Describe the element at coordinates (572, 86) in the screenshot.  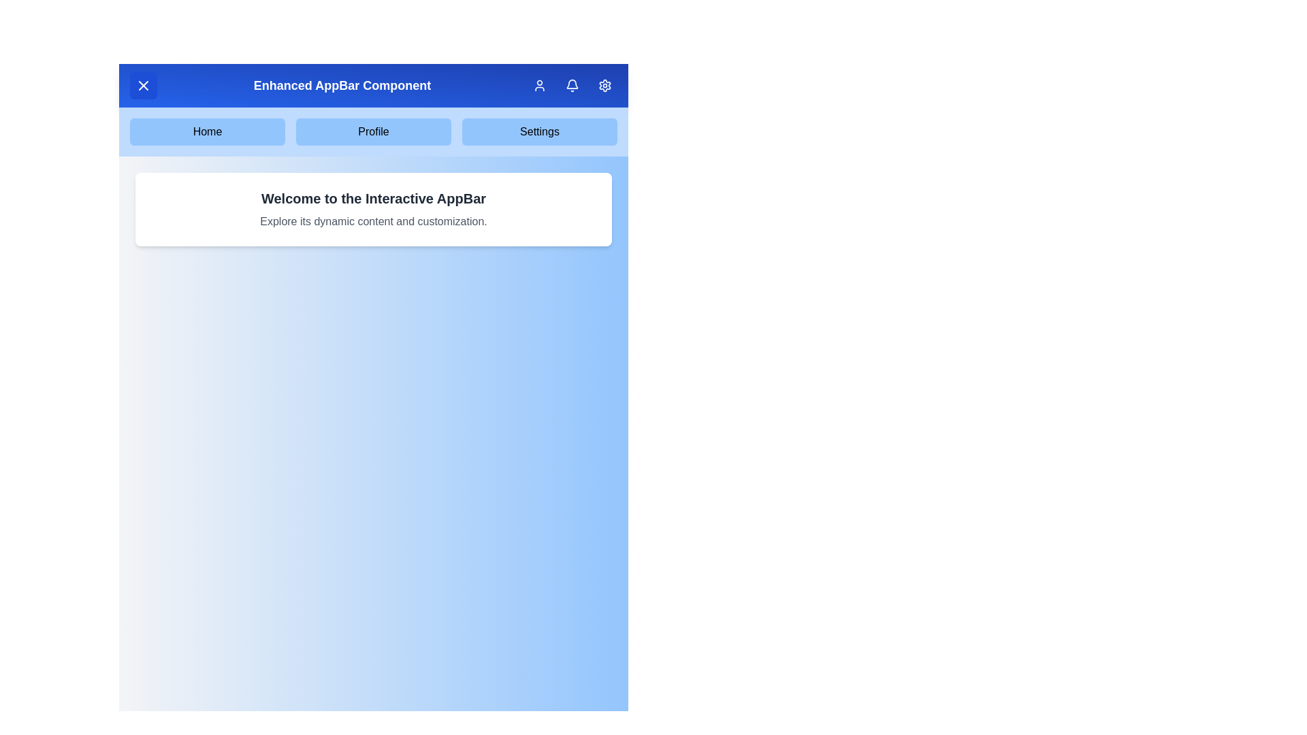
I see `the notification icon in the AppBar` at that location.